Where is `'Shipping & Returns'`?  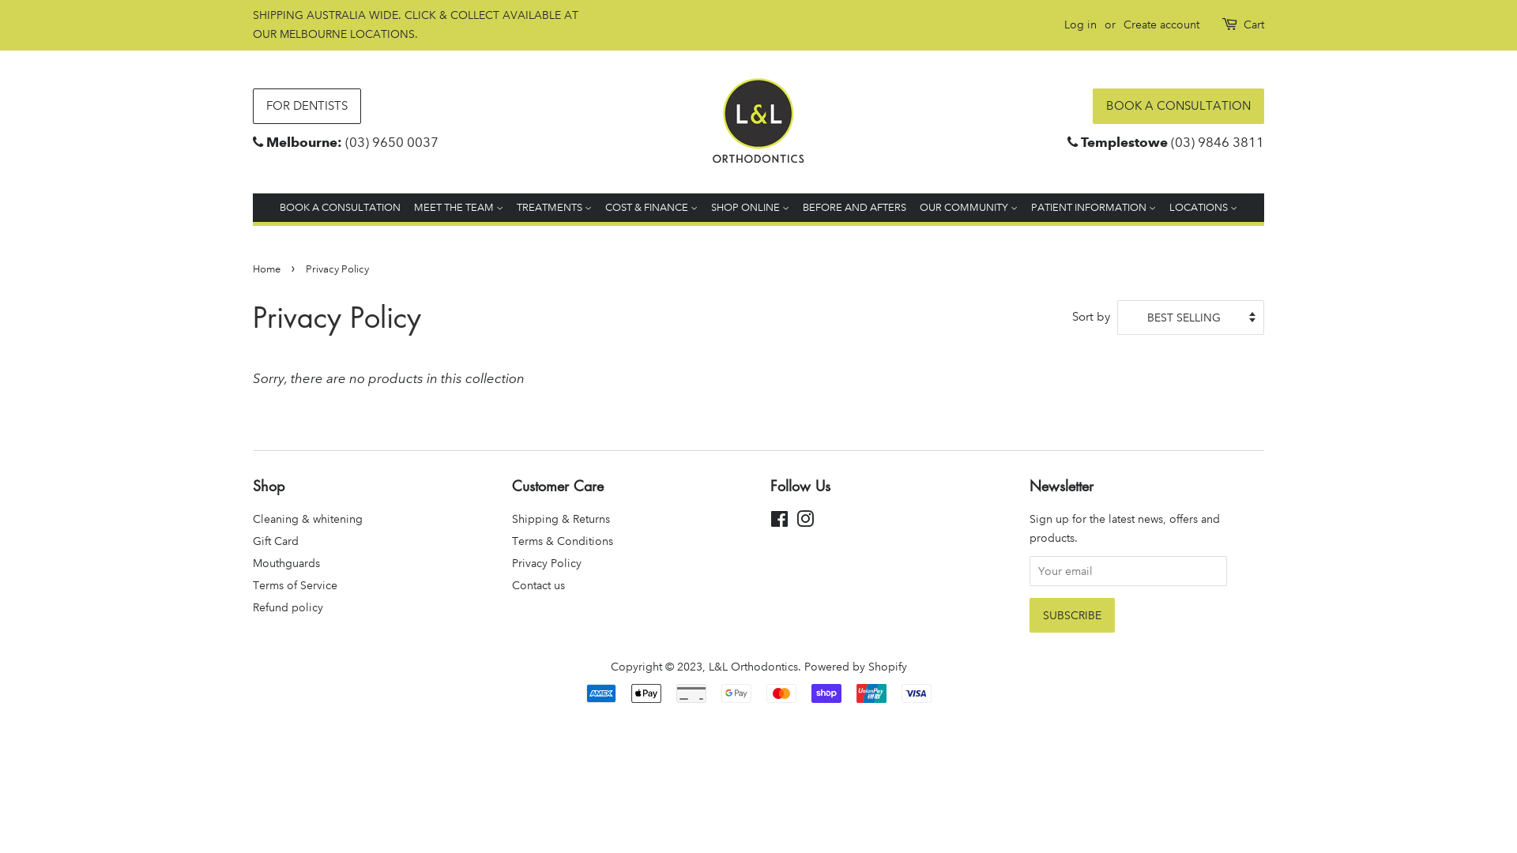 'Shipping & Returns' is located at coordinates (561, 518).